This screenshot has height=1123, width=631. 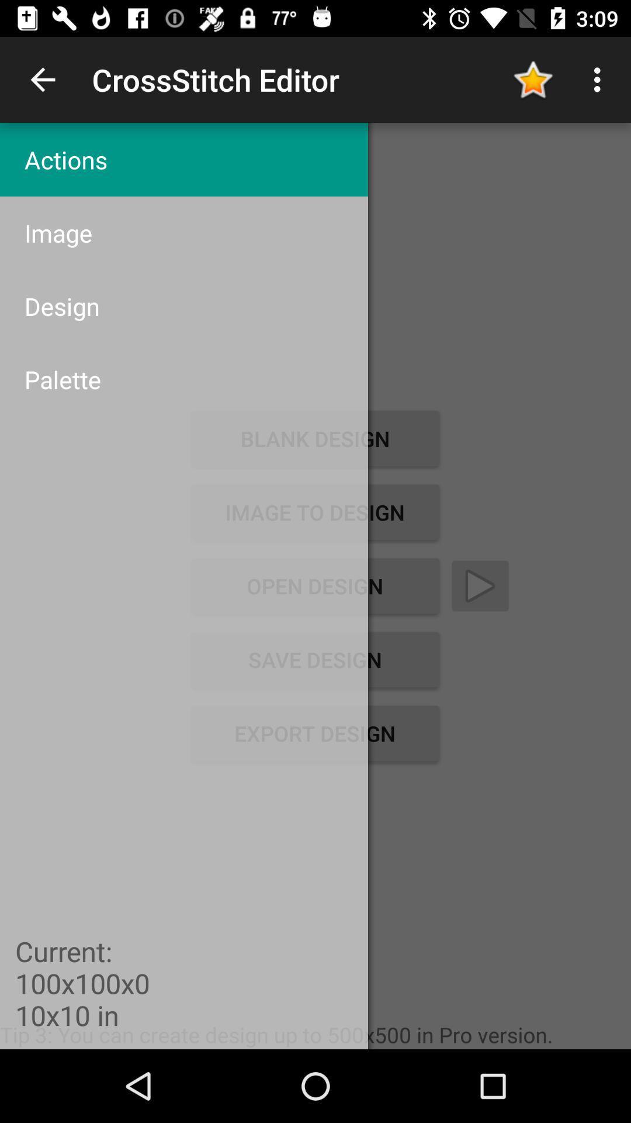 I want to click on the save design icon, so click(x=314, y=660).